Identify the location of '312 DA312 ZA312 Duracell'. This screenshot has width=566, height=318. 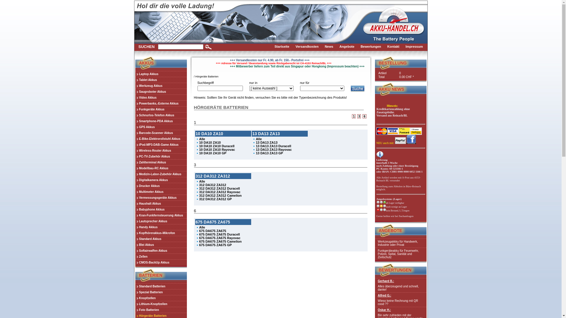
(219, 188).